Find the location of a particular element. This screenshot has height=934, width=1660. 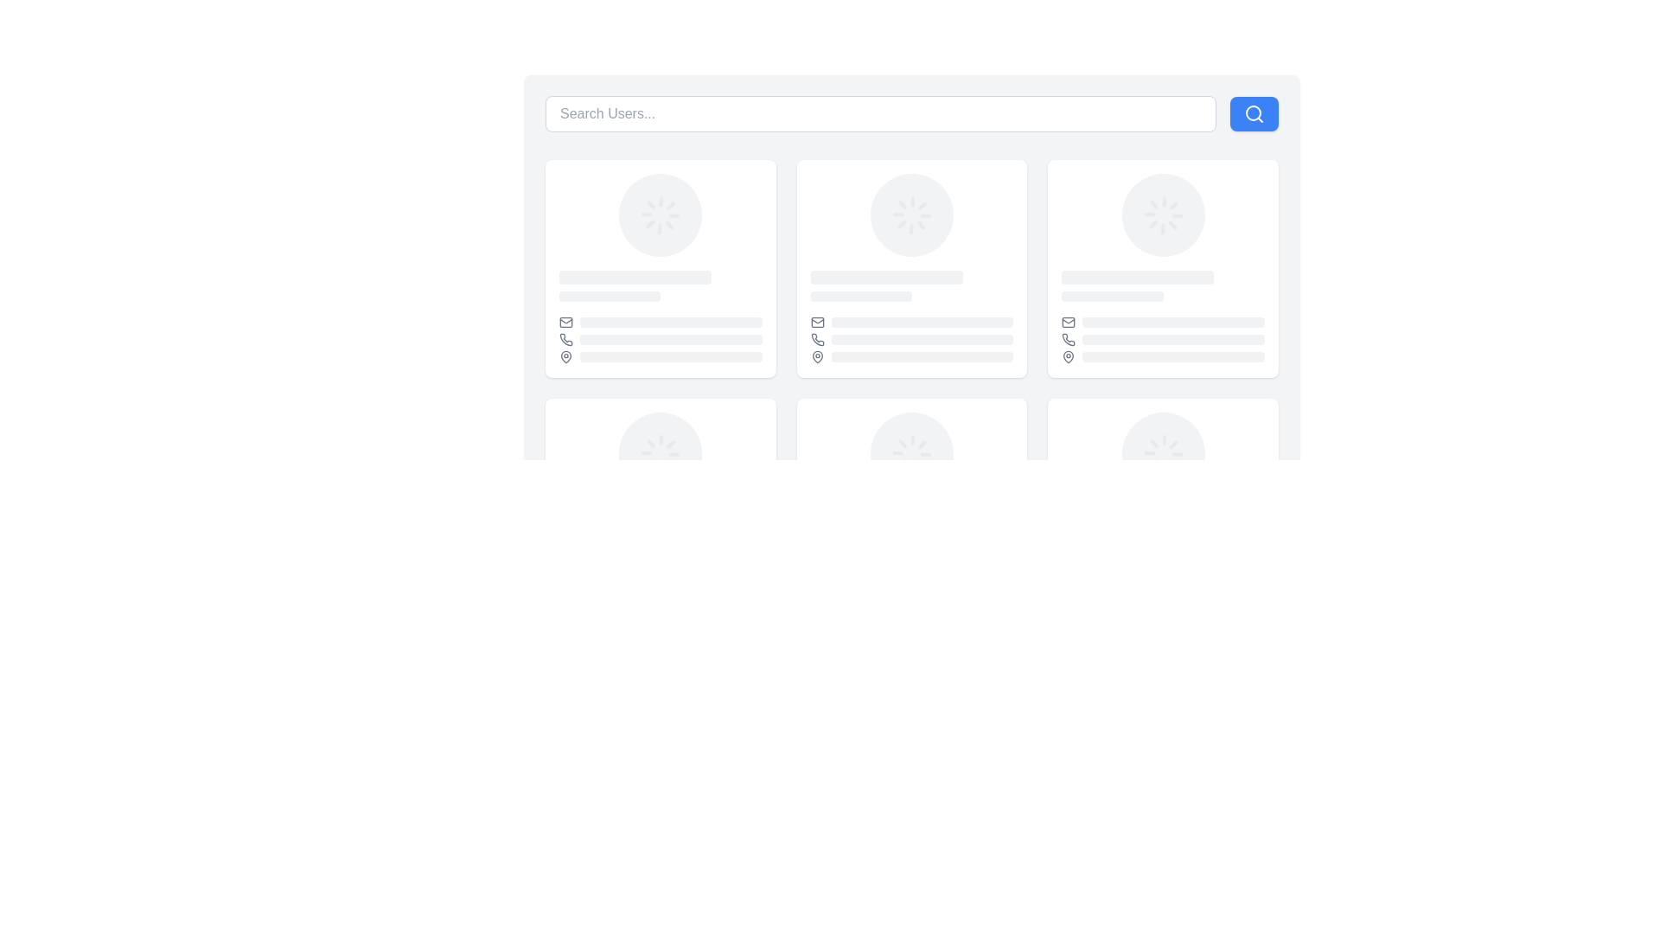

the map pin icon located in the bottom-right corner of the user profile card in the third column of the interface grid for functionality is located at coordinates (1068, 355).